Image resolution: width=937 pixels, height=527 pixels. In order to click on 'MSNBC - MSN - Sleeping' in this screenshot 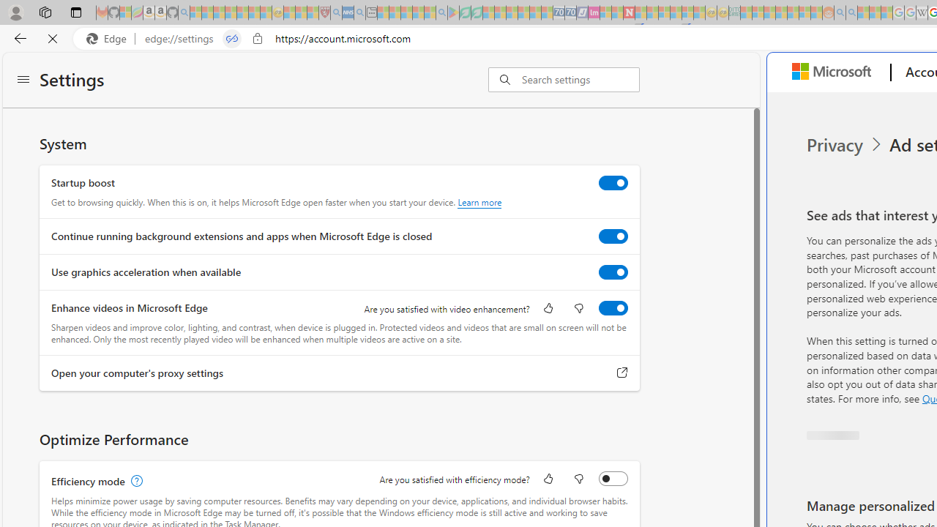, I will do `click(746, 12)`.